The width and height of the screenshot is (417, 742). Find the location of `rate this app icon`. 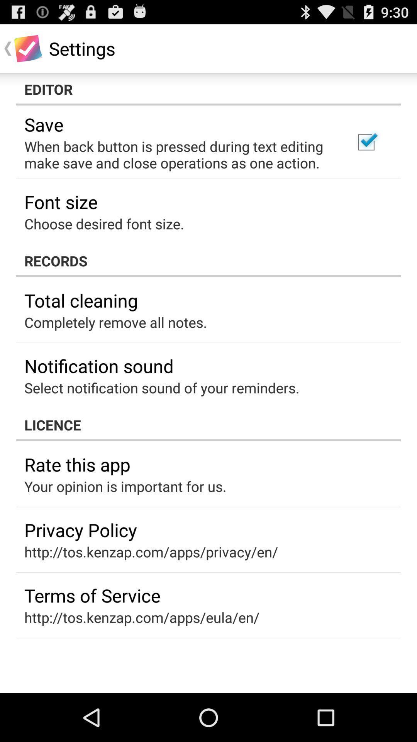

rate this app icon is located at coordinates (77, 464).